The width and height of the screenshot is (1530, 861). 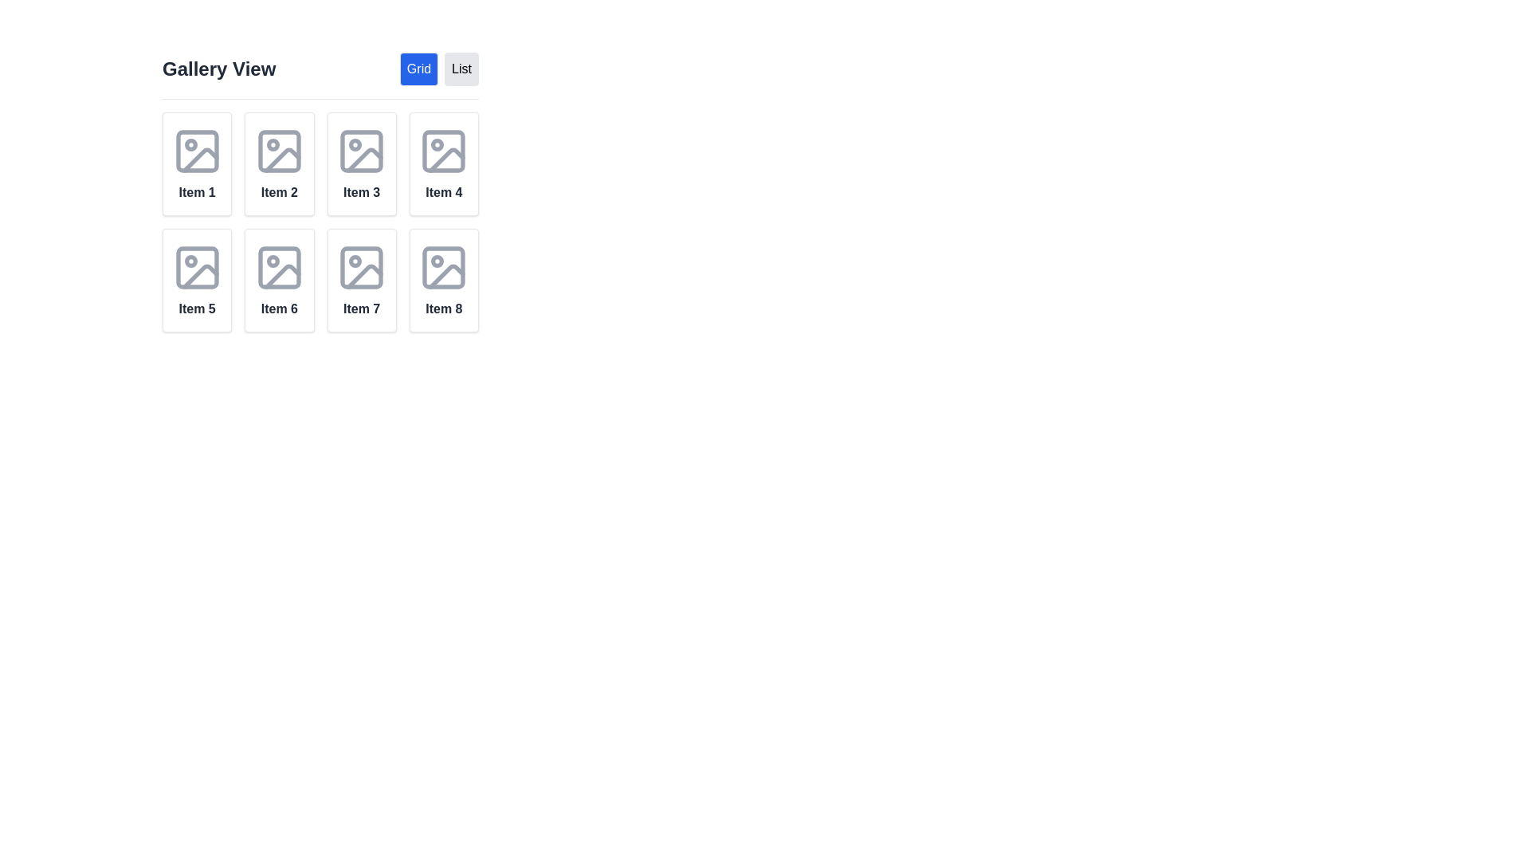 What do you see at coordinates (461, 69) in the screenshot?
I see `the rectangular 'List' button with a light gray background and black text` at bounding box center [461, 69].